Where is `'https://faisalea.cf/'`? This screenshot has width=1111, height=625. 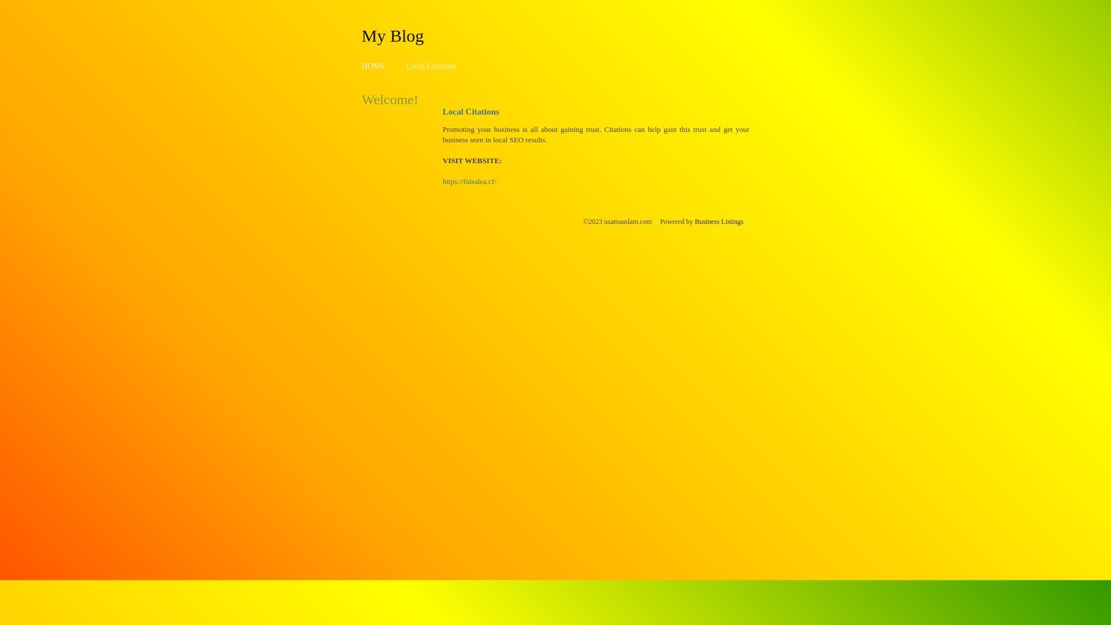 'https://faisalea.cf/' is located at coordinates (469, 181).